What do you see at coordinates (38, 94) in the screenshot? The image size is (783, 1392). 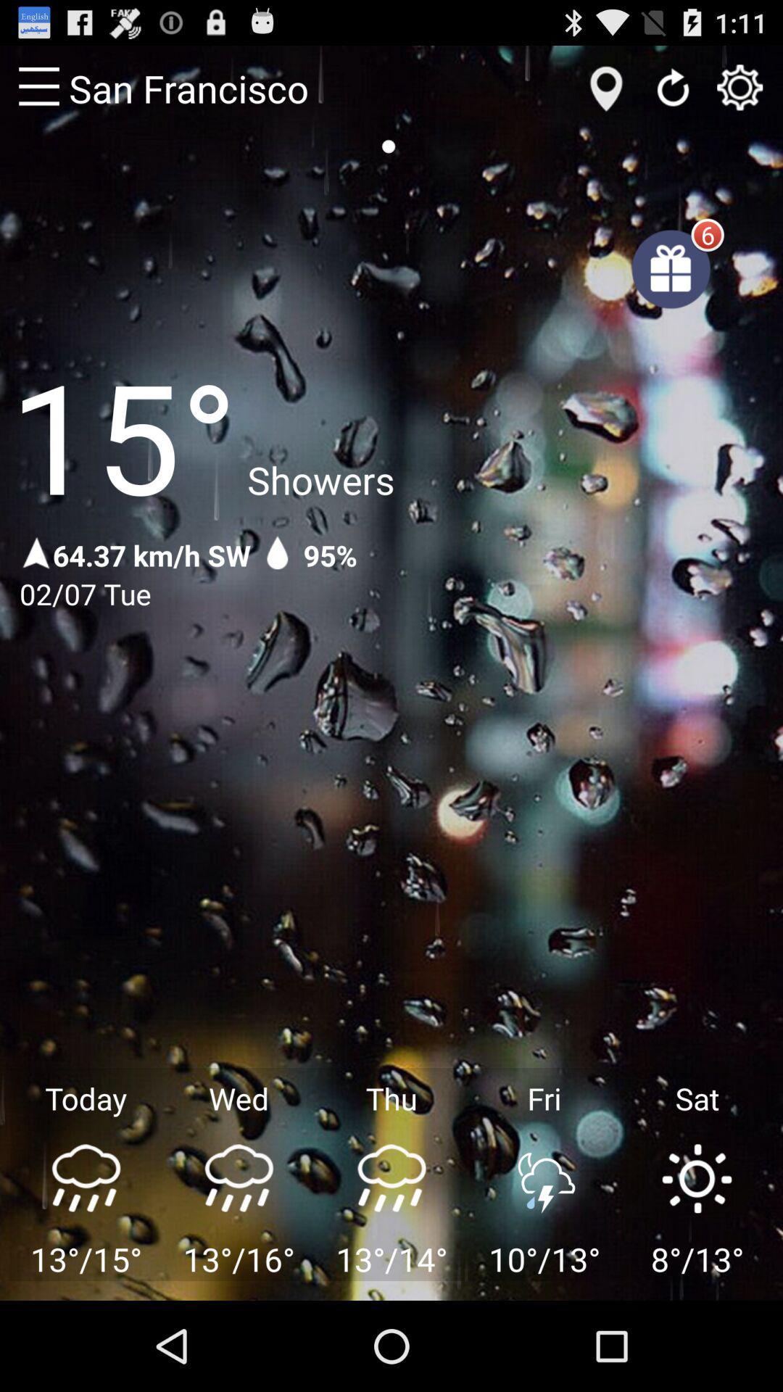 I see `the menu icon` at bounding box center [38, 94].